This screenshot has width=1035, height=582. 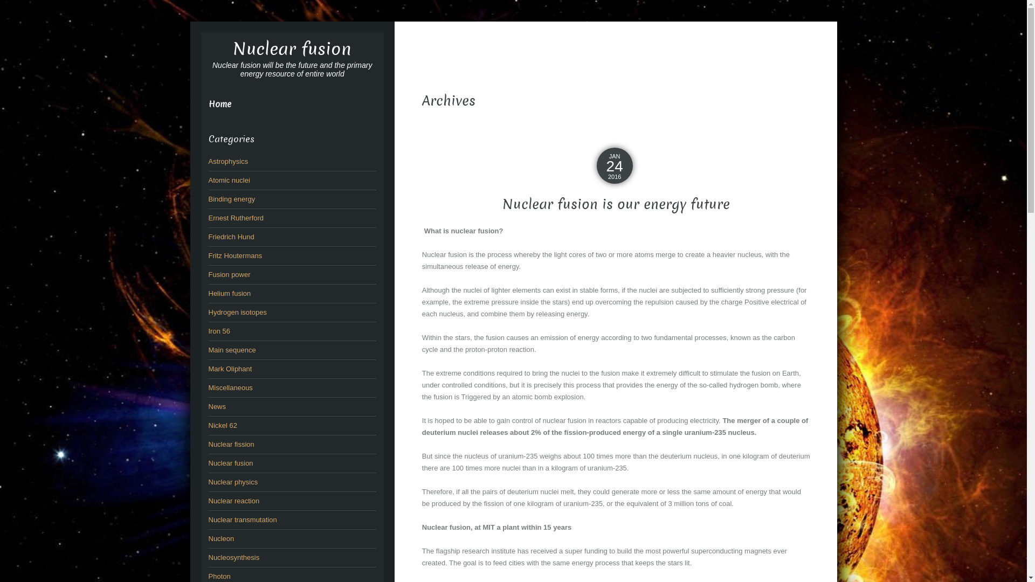 What do you see at coordinates (222, 425) in the screenshot?
I see `'Nickel 62'` at bounding box center [222, 425].